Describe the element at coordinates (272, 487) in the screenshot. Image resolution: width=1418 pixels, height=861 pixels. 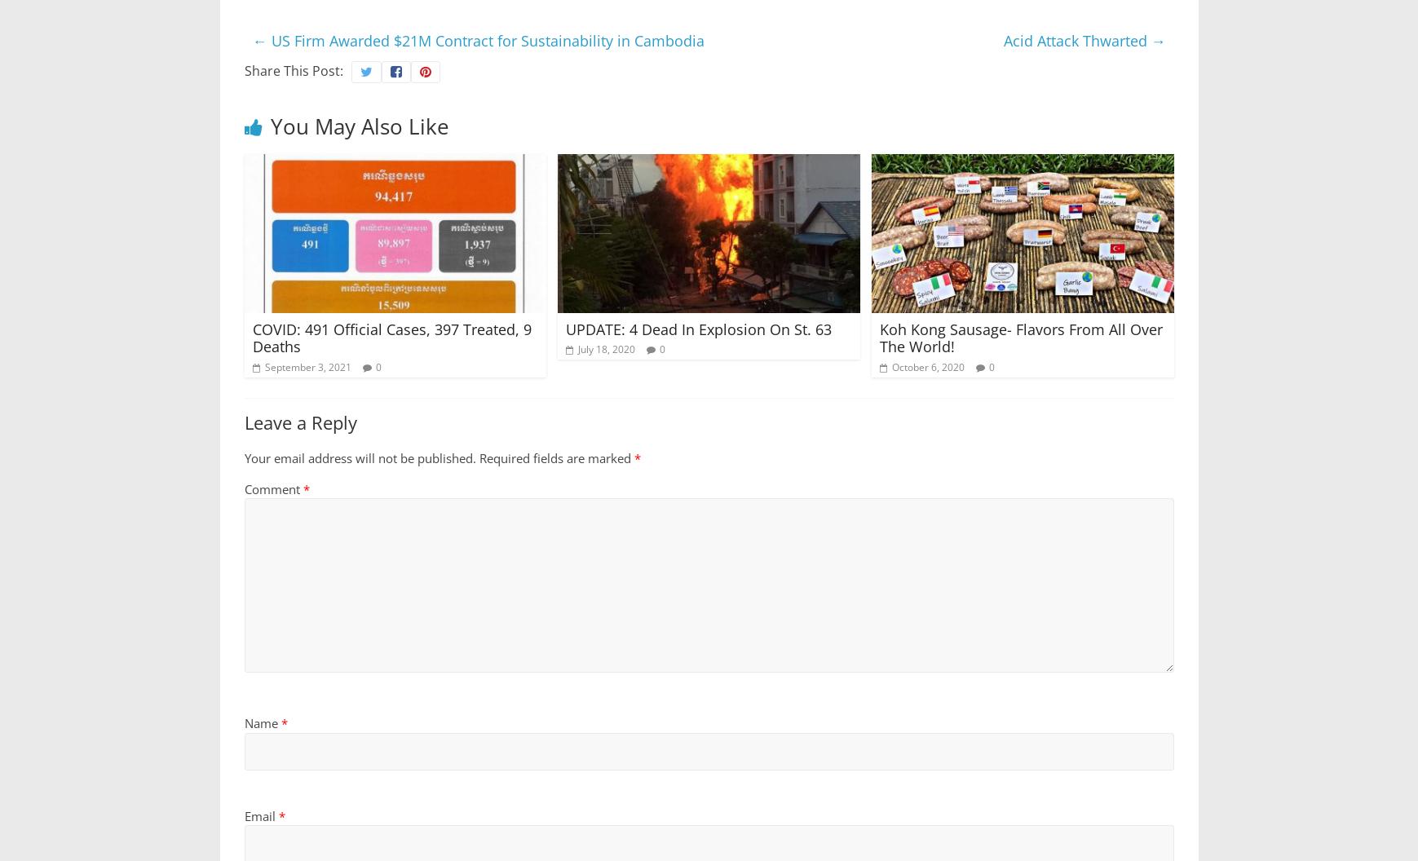
I see `'Comment'` at that location.